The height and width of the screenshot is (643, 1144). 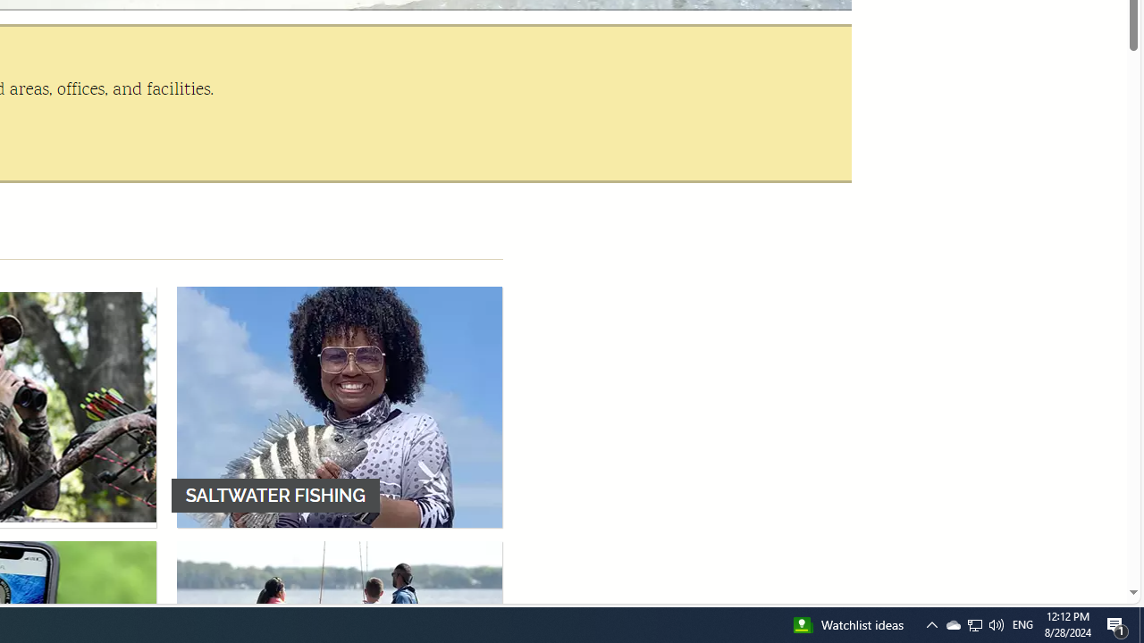 What do you see at coordinates (340, 406) in the screenshot?
I see `'SALTWATER FISHING'` at bounding box center [340, 406].